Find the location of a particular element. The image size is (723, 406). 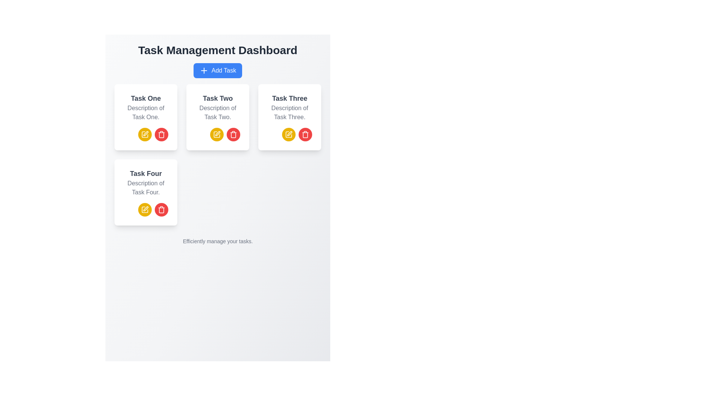

the text display containing 'Description of Task One' styled in light gray, located below the title 'Task One' in the 'Task Management Dashboard.' is located at coordinates (146, 113).